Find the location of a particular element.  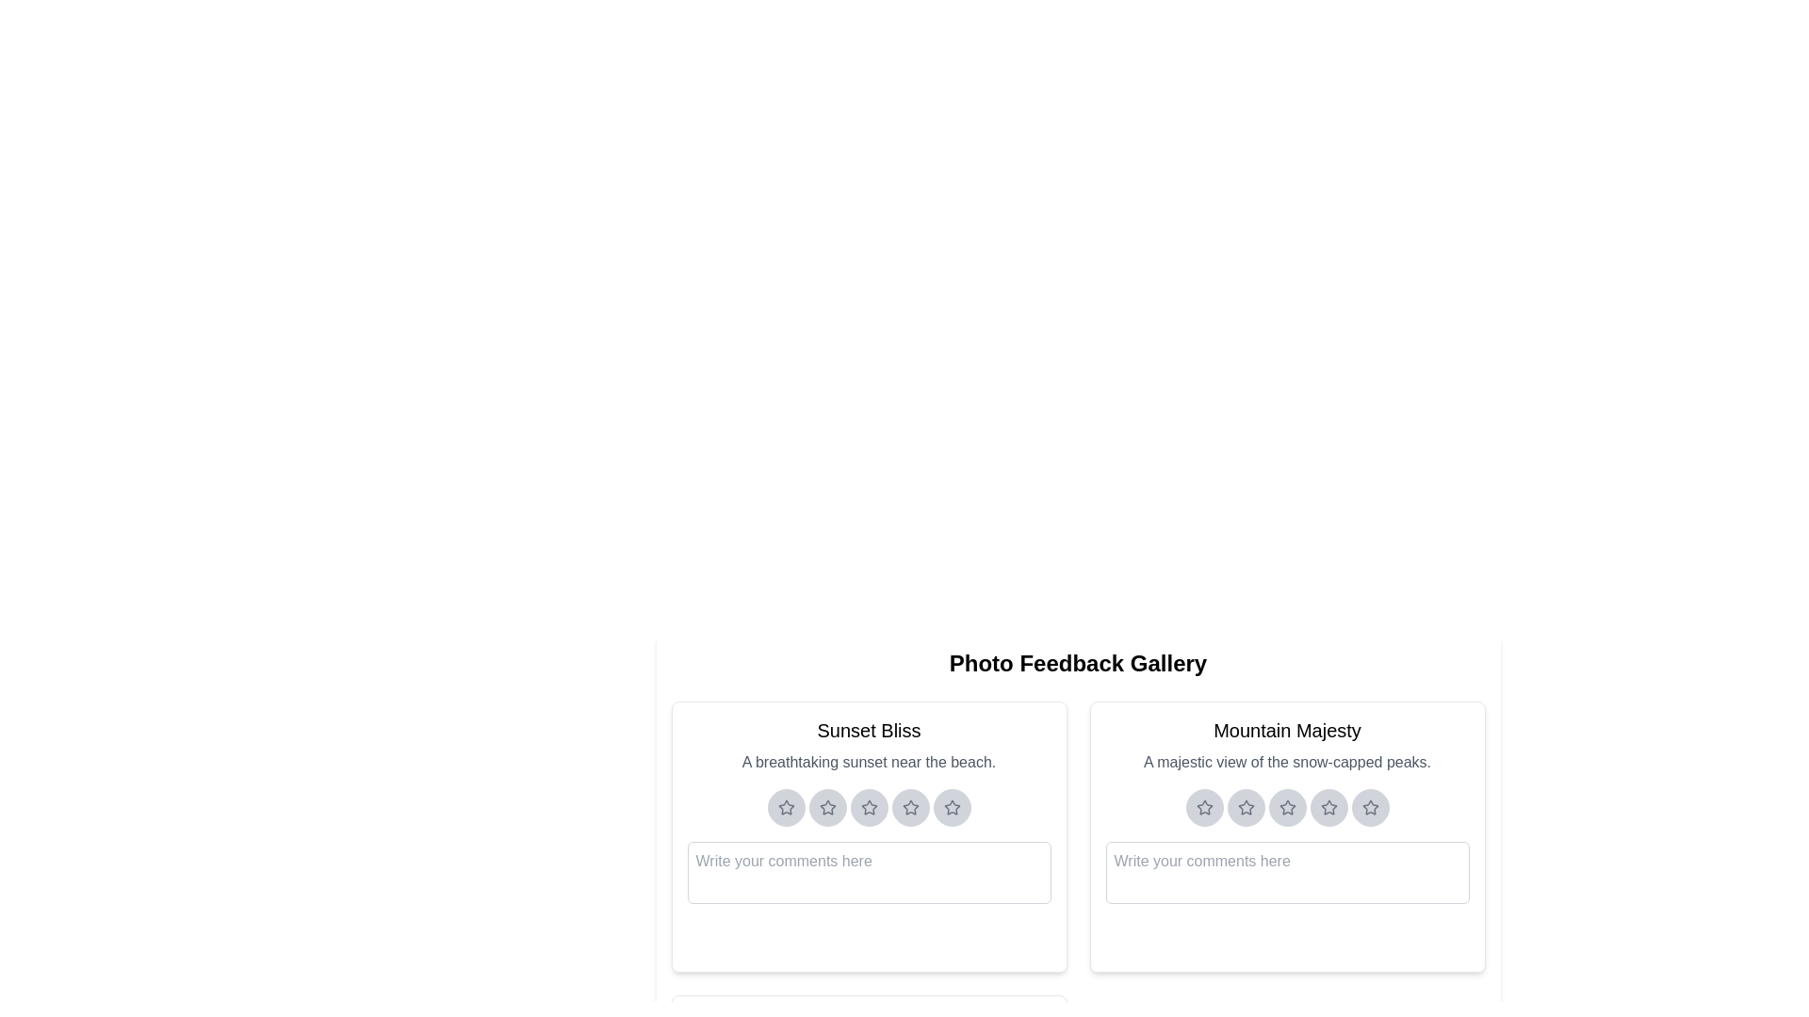

the first interactive star button in the 'Sunset Bliss' rating component is located at coordinates (868, 806).